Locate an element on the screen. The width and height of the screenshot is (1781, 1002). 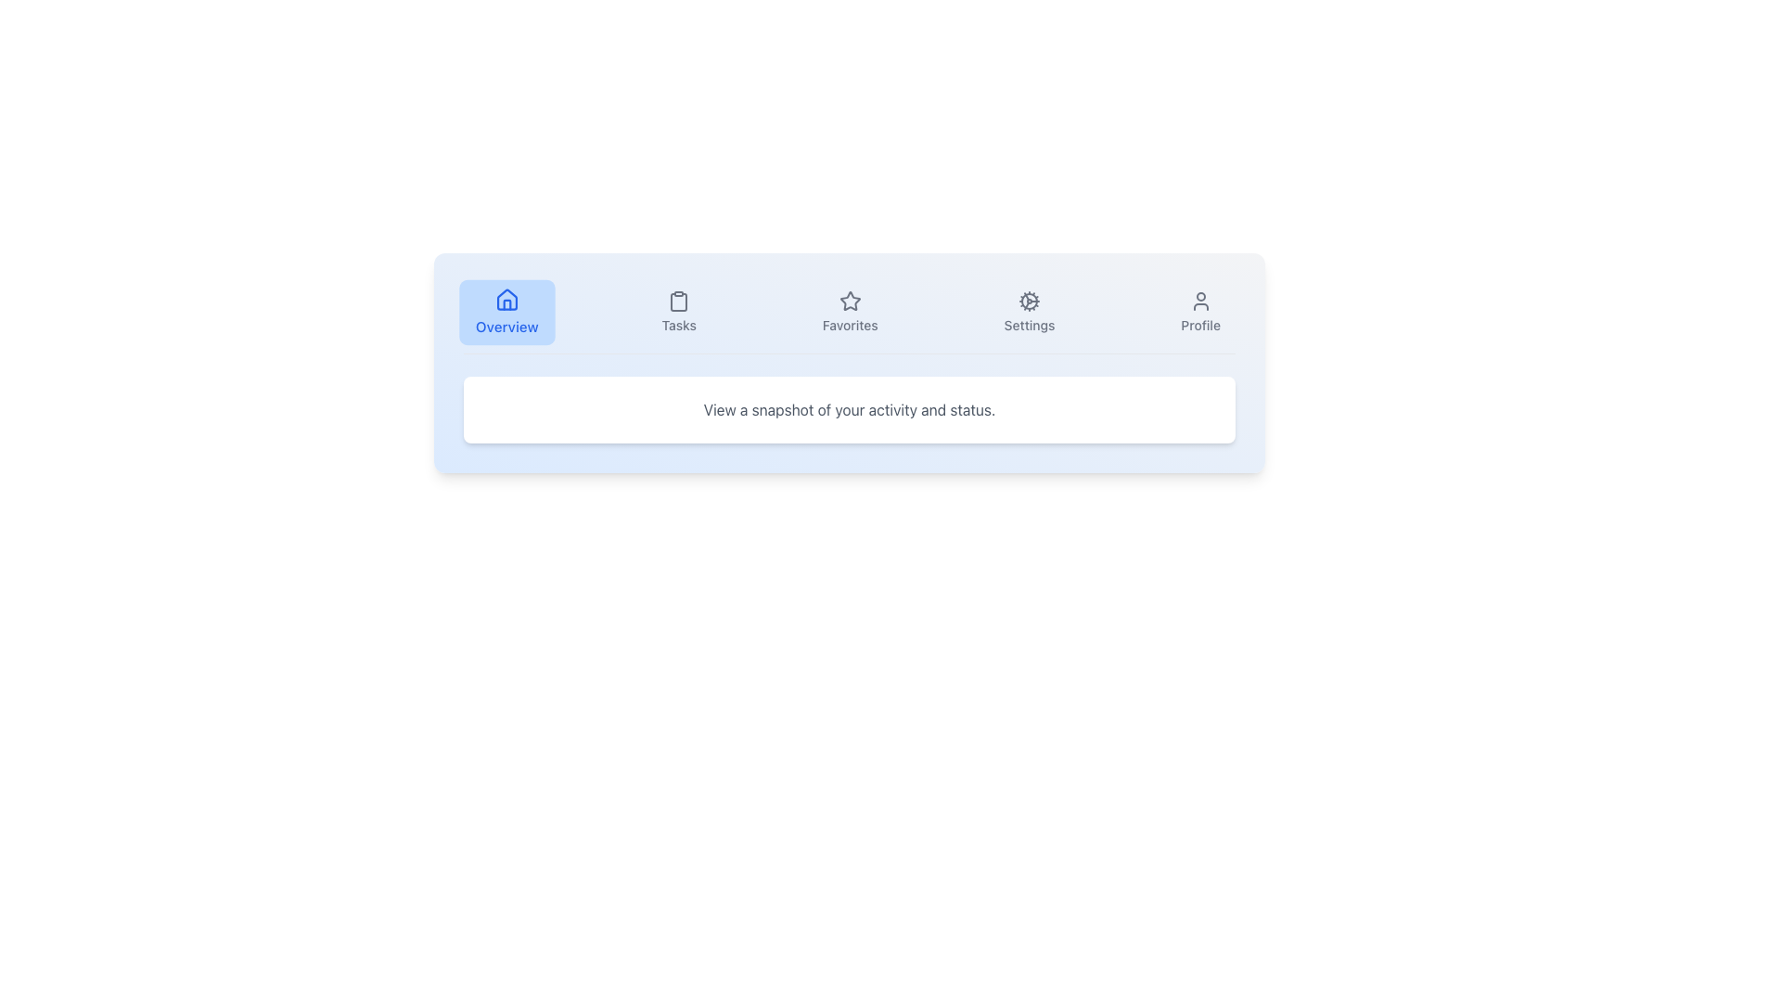
the navigation button with an icon and text for accessing the 'Favorites' section, located in the top-center horizontal navigation bar is located at coordinates (849, 311).